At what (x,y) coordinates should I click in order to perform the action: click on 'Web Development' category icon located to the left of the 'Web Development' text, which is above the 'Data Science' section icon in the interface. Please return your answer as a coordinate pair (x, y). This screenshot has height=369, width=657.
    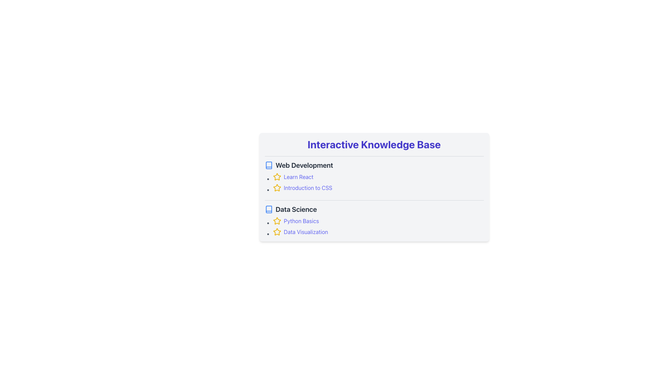
    Looking at the image, I should click on (268, 165).